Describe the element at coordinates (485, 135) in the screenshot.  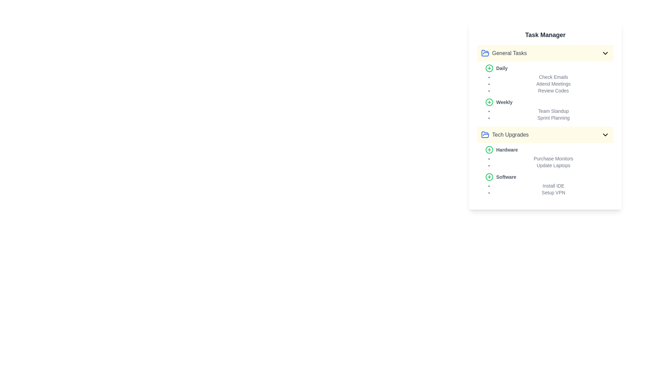
I see `the blue-colored folder icon located at the top left of the 'General Tasks' section in the task manager interface` at that location.